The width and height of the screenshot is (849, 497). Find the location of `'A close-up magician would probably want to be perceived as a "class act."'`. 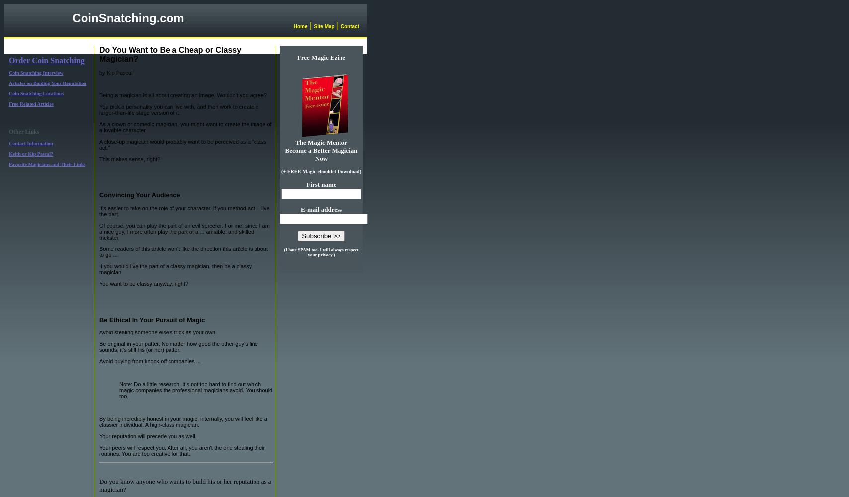

'A close-up magician would probably want to be perceived as a "class act."' is located at coordinates (182, 145).